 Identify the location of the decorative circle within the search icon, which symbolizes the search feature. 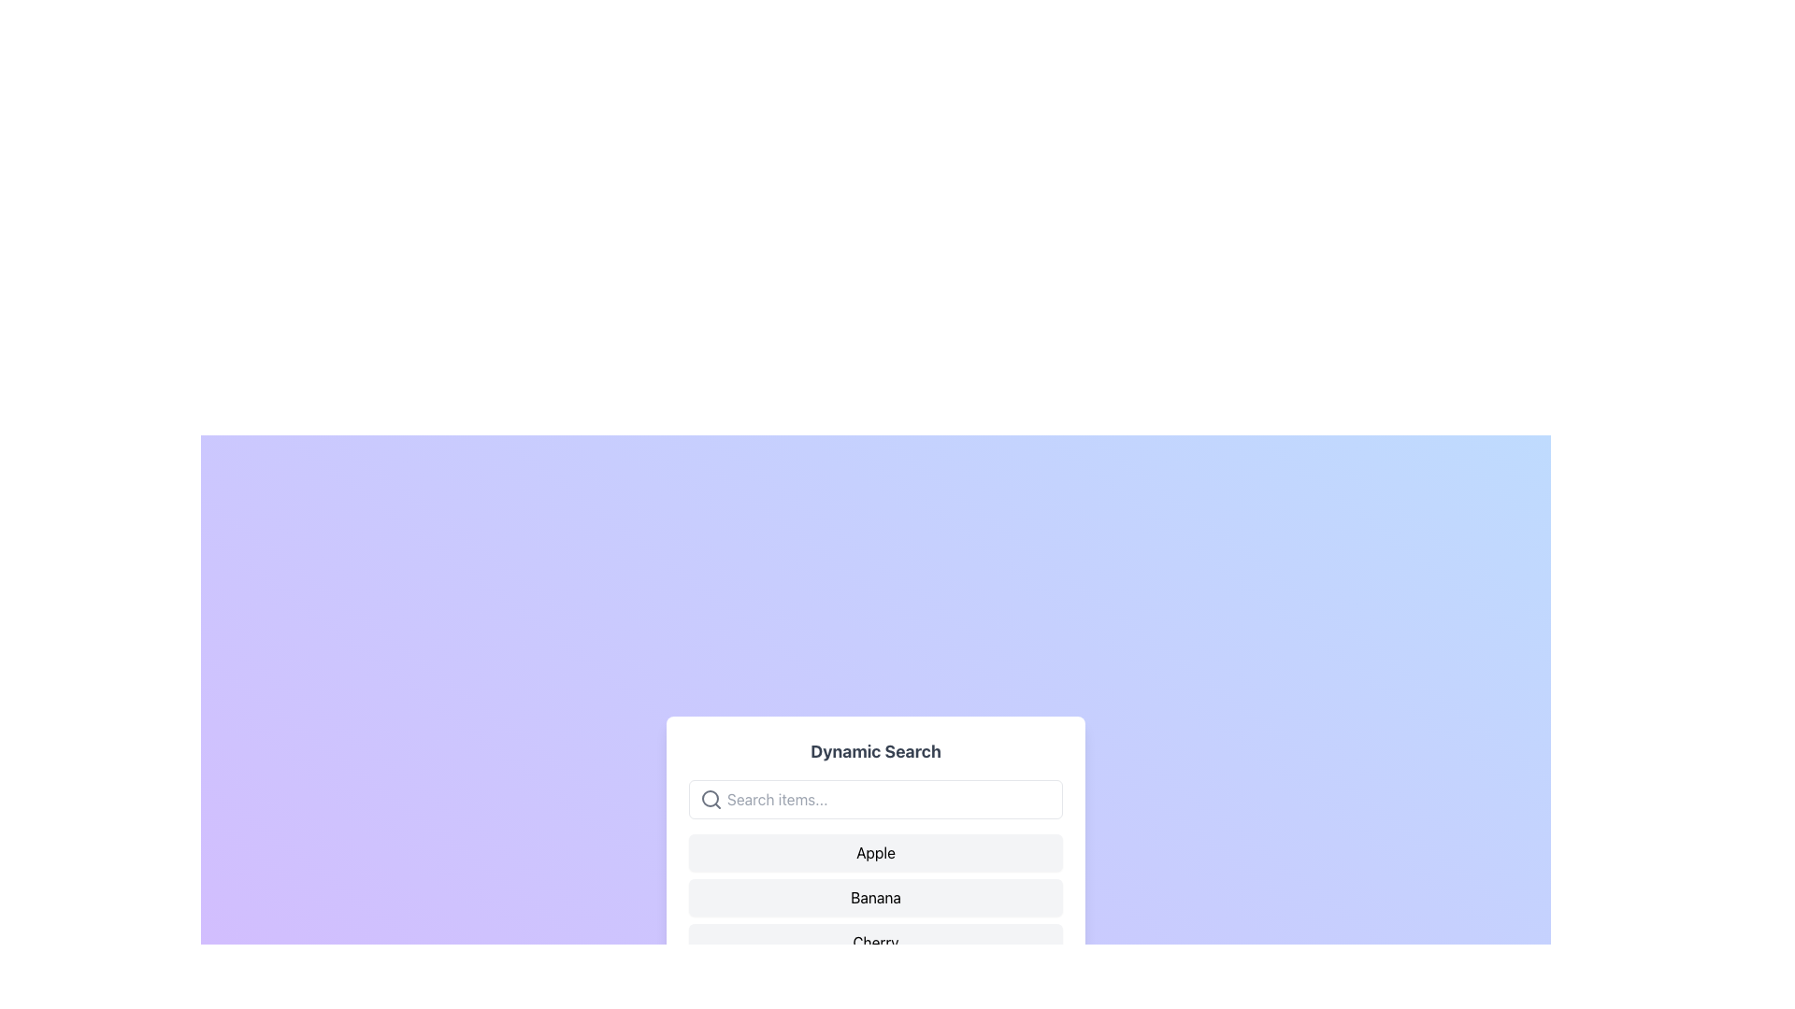
(709, 799).